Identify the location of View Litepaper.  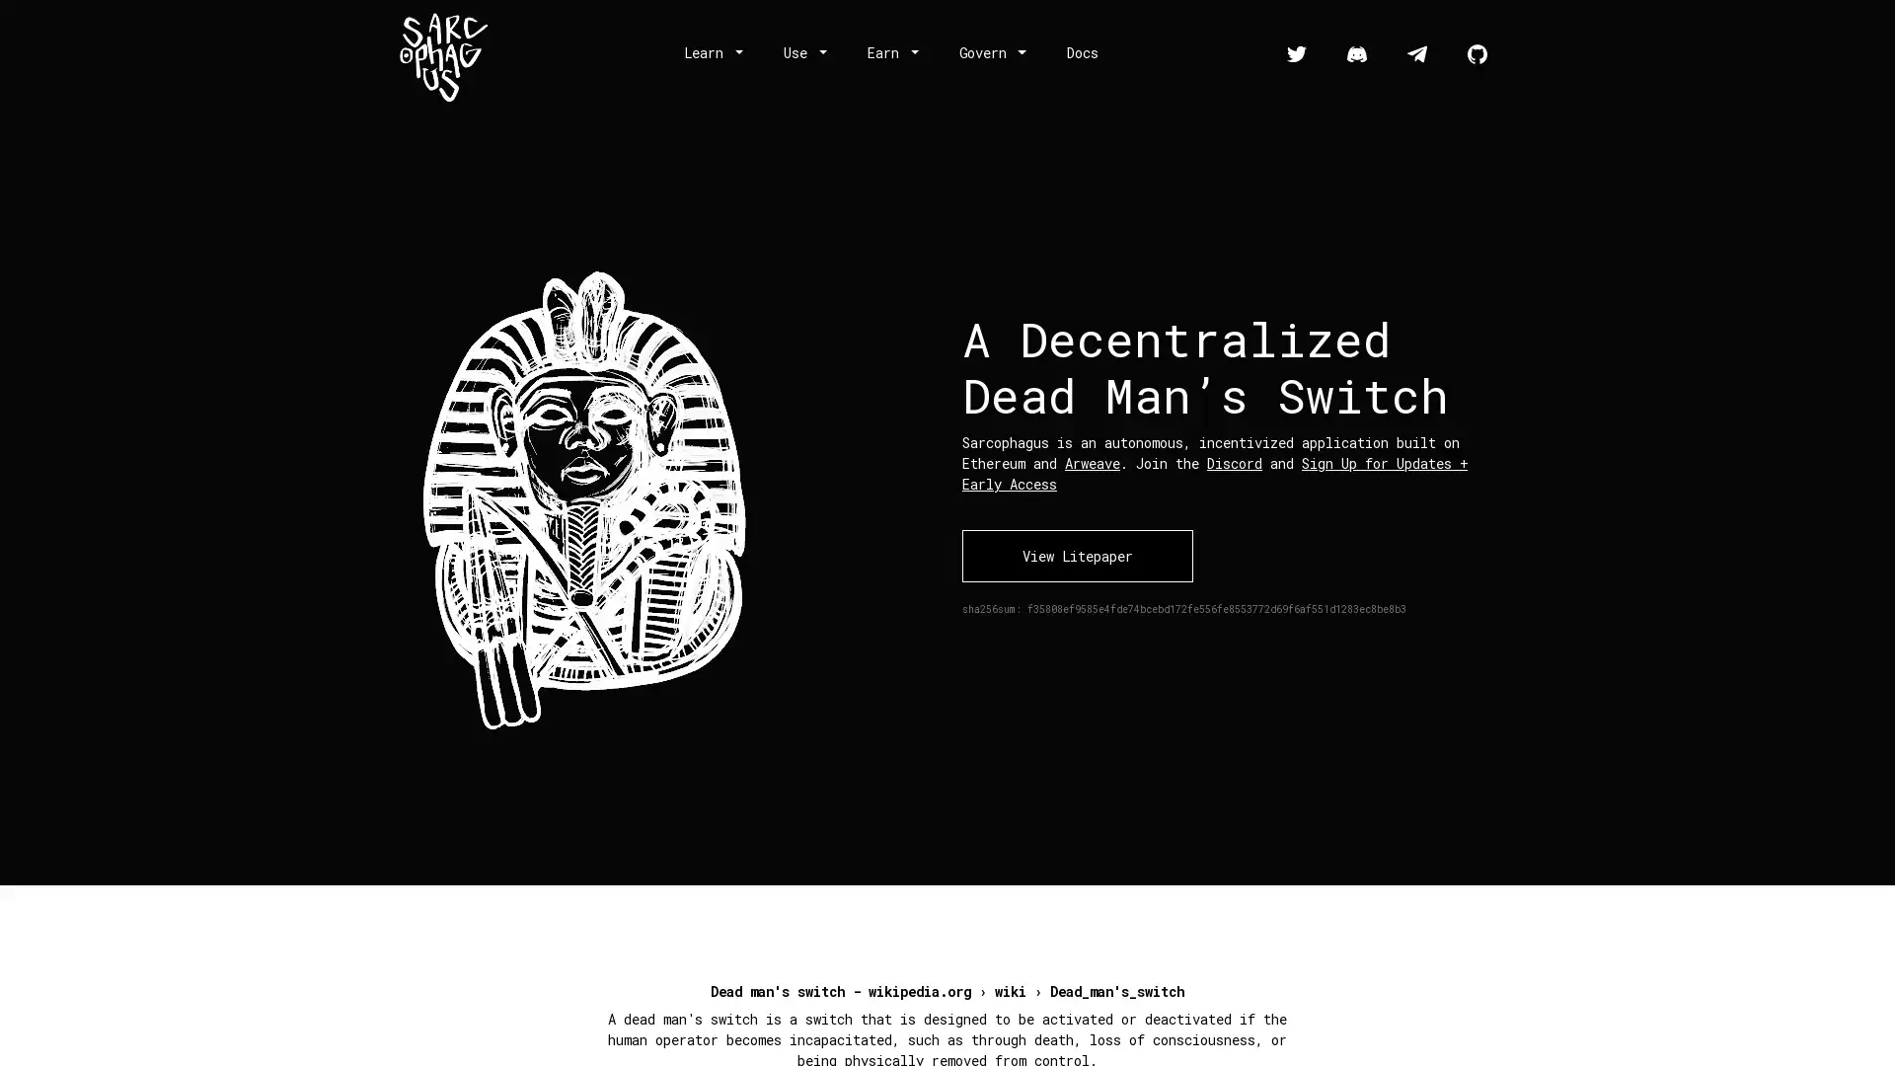
(1076, 555).